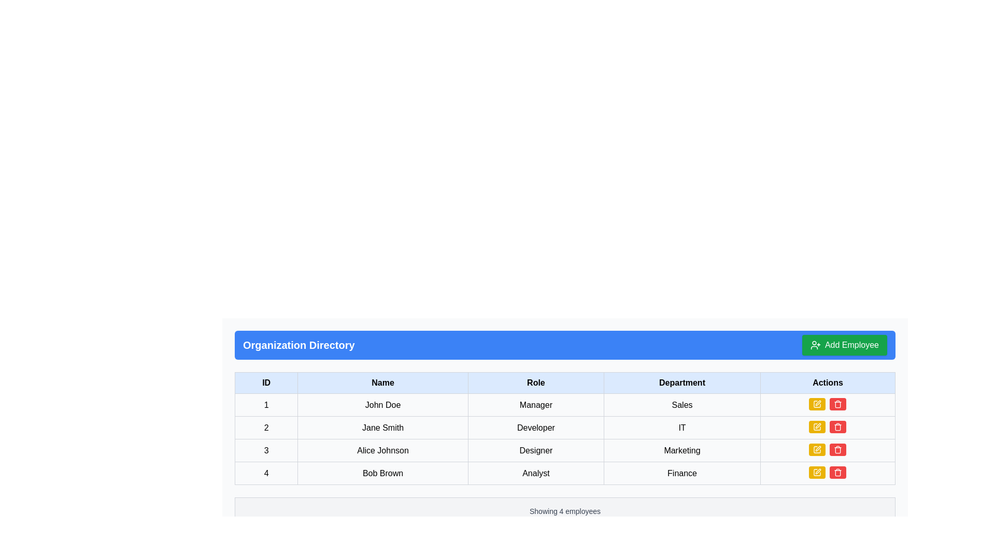  I want to click on the 'Actions' table header cell, which is a rectangular cell with bold text on a light blue background, located at the top row of a table, aligned to the right of the 'Department' cell, so click(827, 383).